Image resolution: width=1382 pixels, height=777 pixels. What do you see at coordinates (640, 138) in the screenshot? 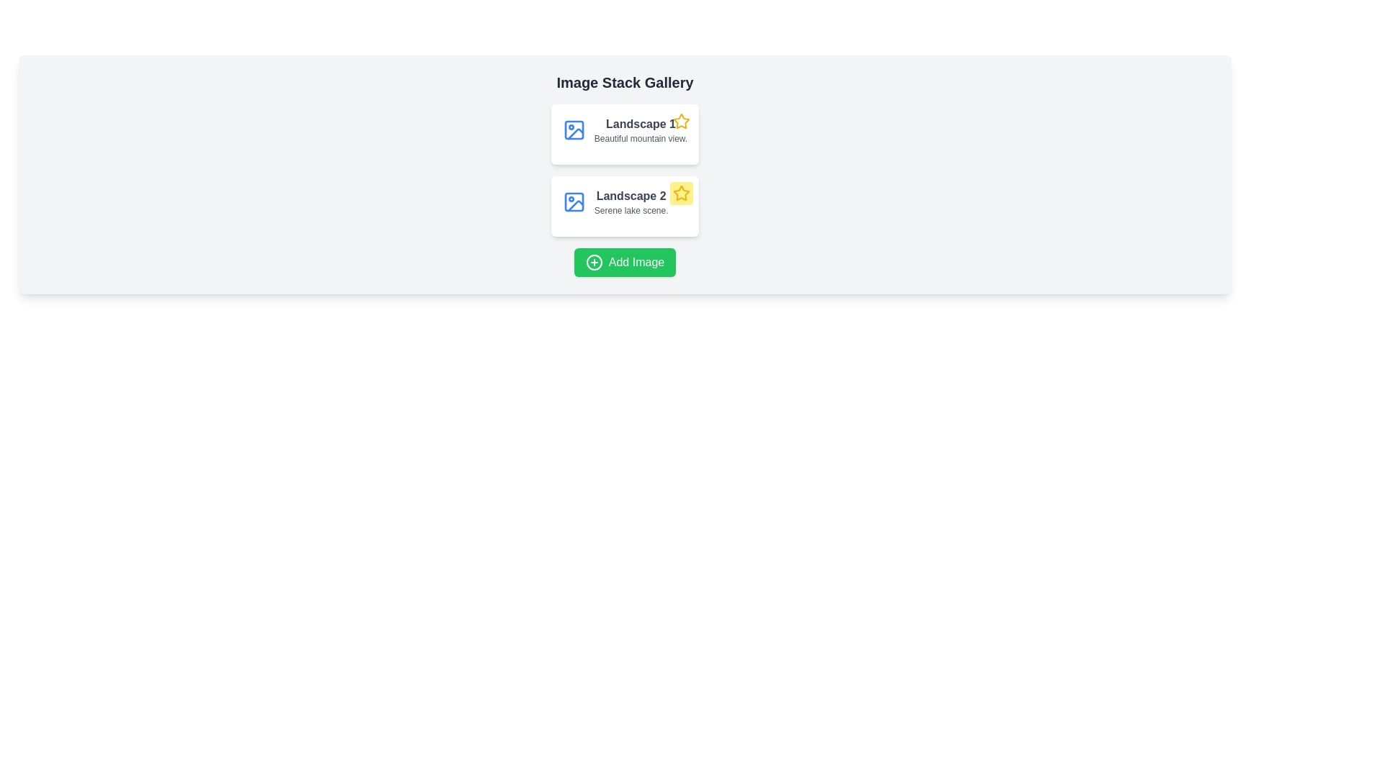
I see `the text label displaying 'Beautiful mountain view.' which is positioned beneath the title 'Landscape 1' in the upper card of the two-card layout` at bounding box center [640, 138].